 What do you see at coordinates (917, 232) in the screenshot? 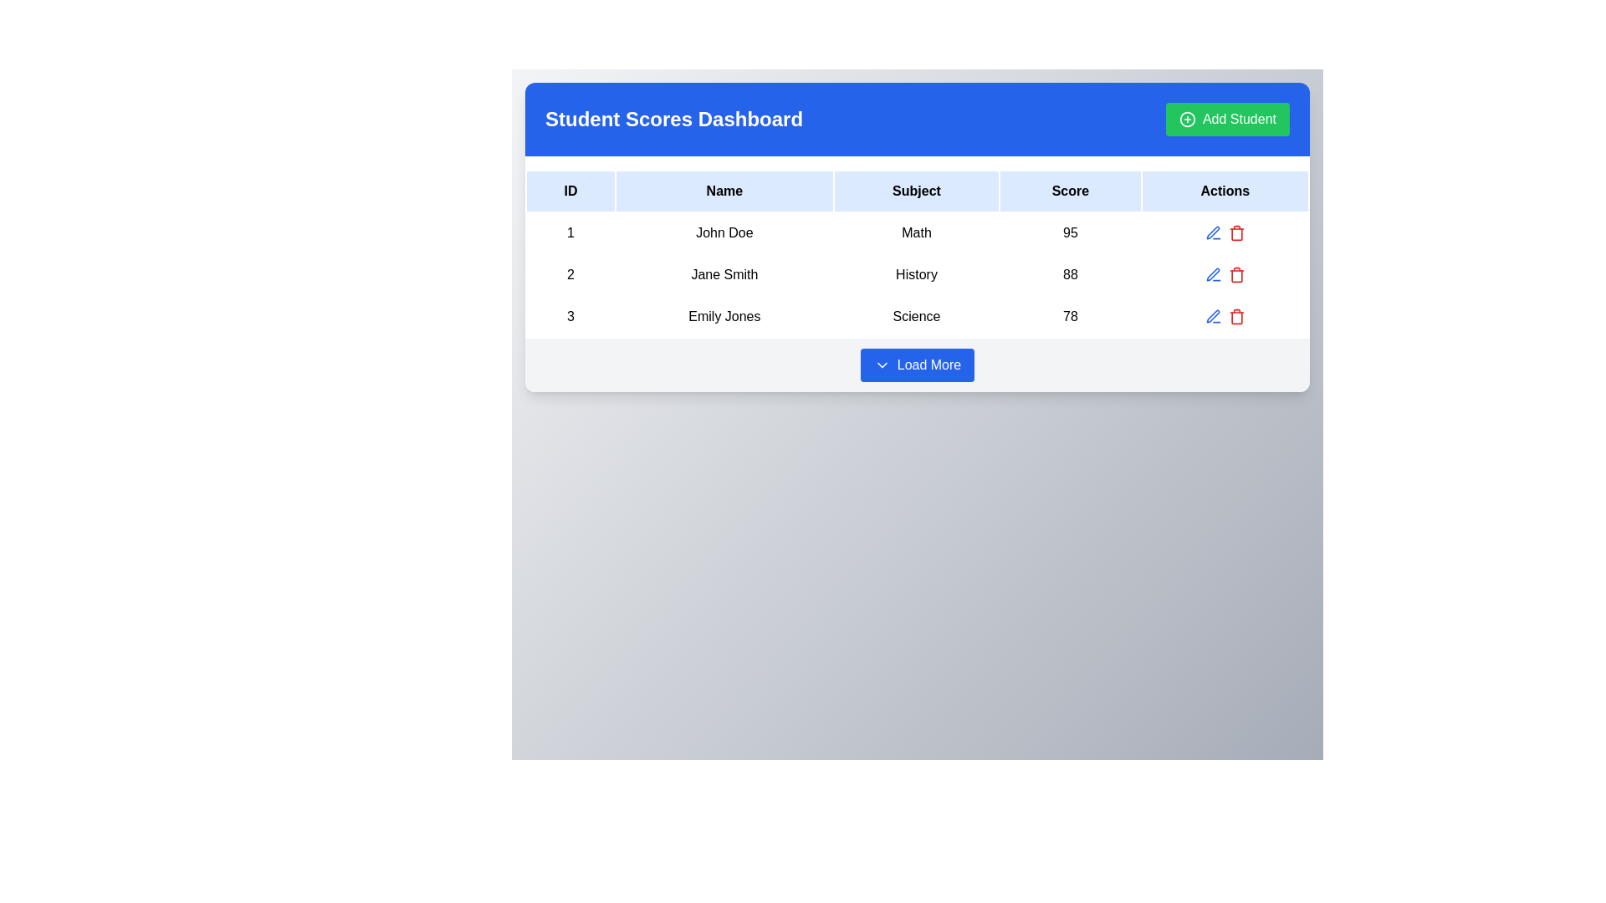
I see `the first row of the student information table labeled 'Student Scores Dashboard'` at bounding box center [917, 232].